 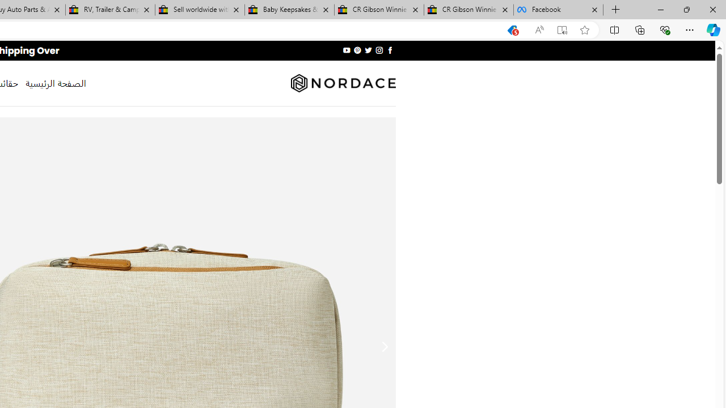 What do you see at coordinates (713, 29) in the screenshot?
I see `'Copilot (Ctrl+Shift+.)'` at bounding box center [713, 29].